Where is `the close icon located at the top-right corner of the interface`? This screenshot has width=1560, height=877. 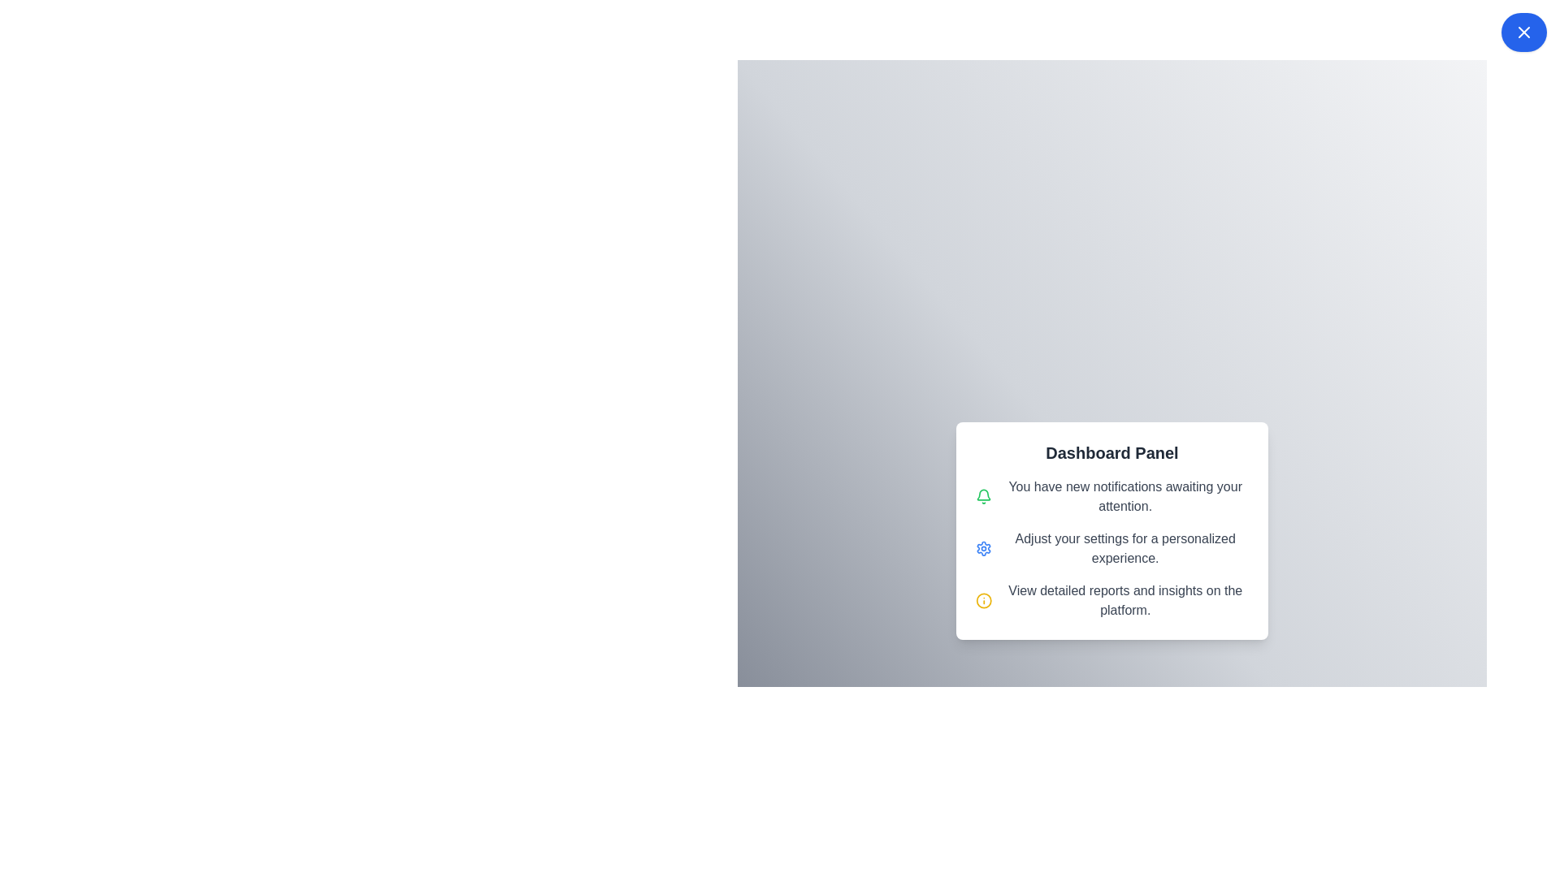
the close icon located at the top-right corner of the interface is located at coordinates (1523, 32).